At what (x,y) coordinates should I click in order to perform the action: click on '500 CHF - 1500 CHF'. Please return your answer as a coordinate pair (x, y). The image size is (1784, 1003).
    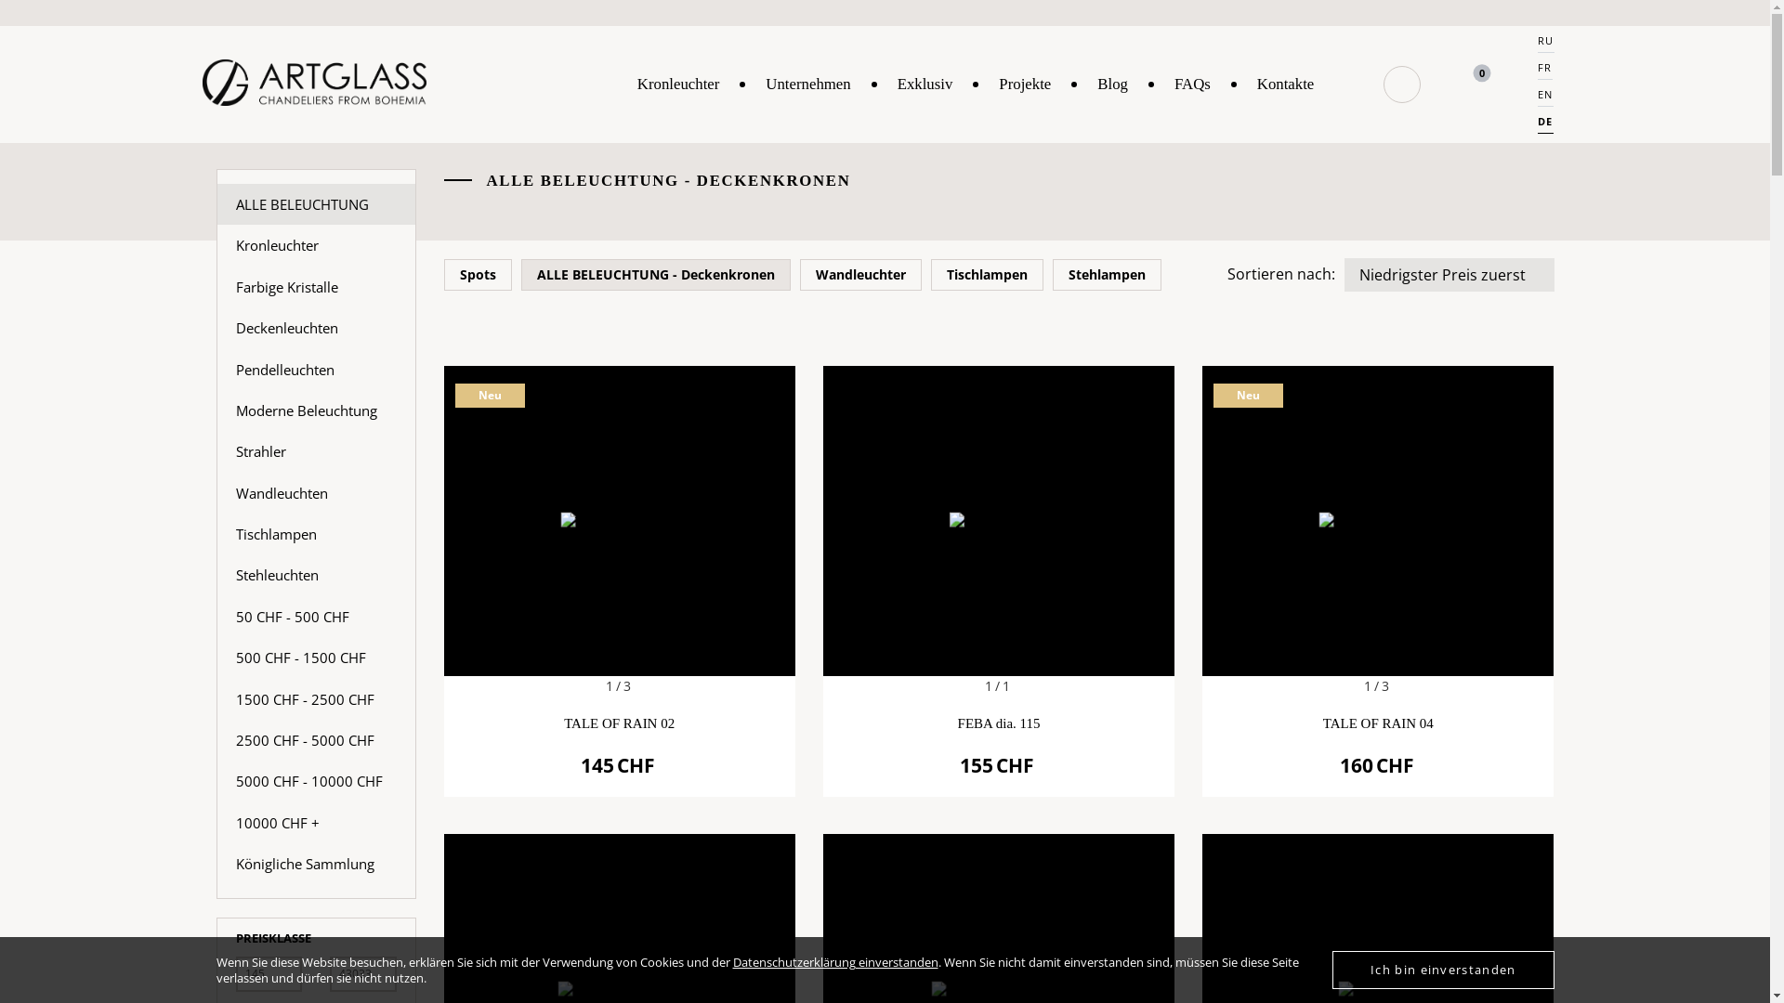
    Looking at the image, I should click on (316, 657).